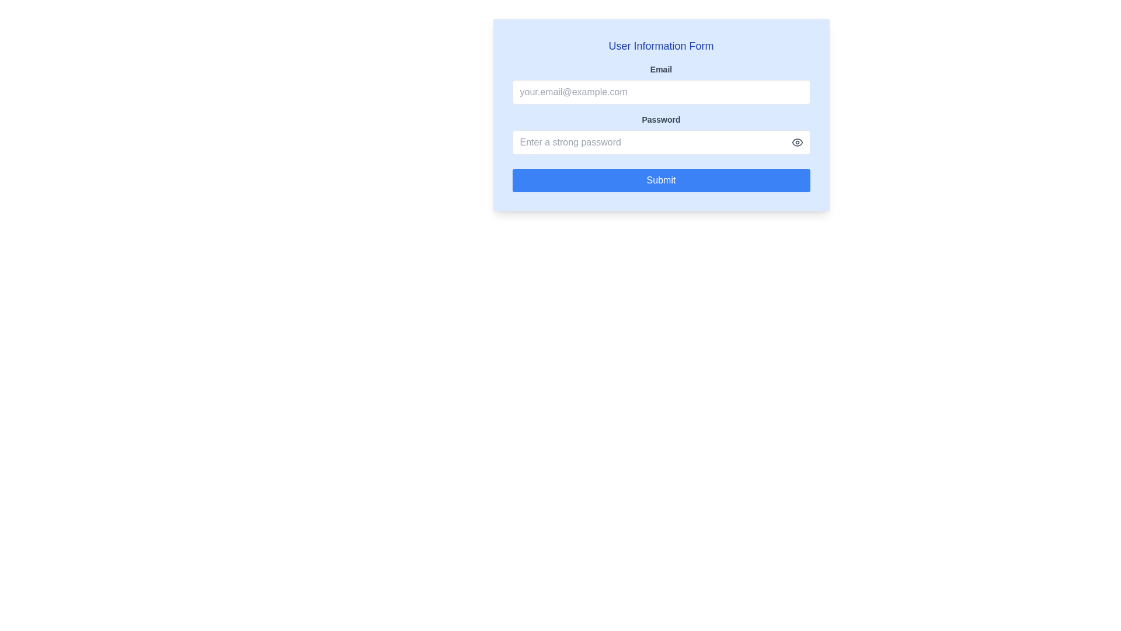 The width and height of the screenshot is (1121, 631). Describe the element at coordinates (796, 141) in the screenshot. I see `the eye icon located at the far right of the password input field` at that location.